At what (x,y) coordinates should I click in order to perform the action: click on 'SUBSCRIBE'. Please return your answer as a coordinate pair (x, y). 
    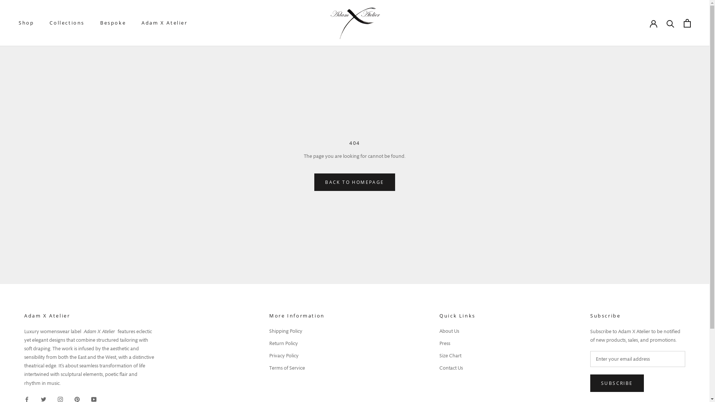
    Looking at the image, I should click on (617, 383).